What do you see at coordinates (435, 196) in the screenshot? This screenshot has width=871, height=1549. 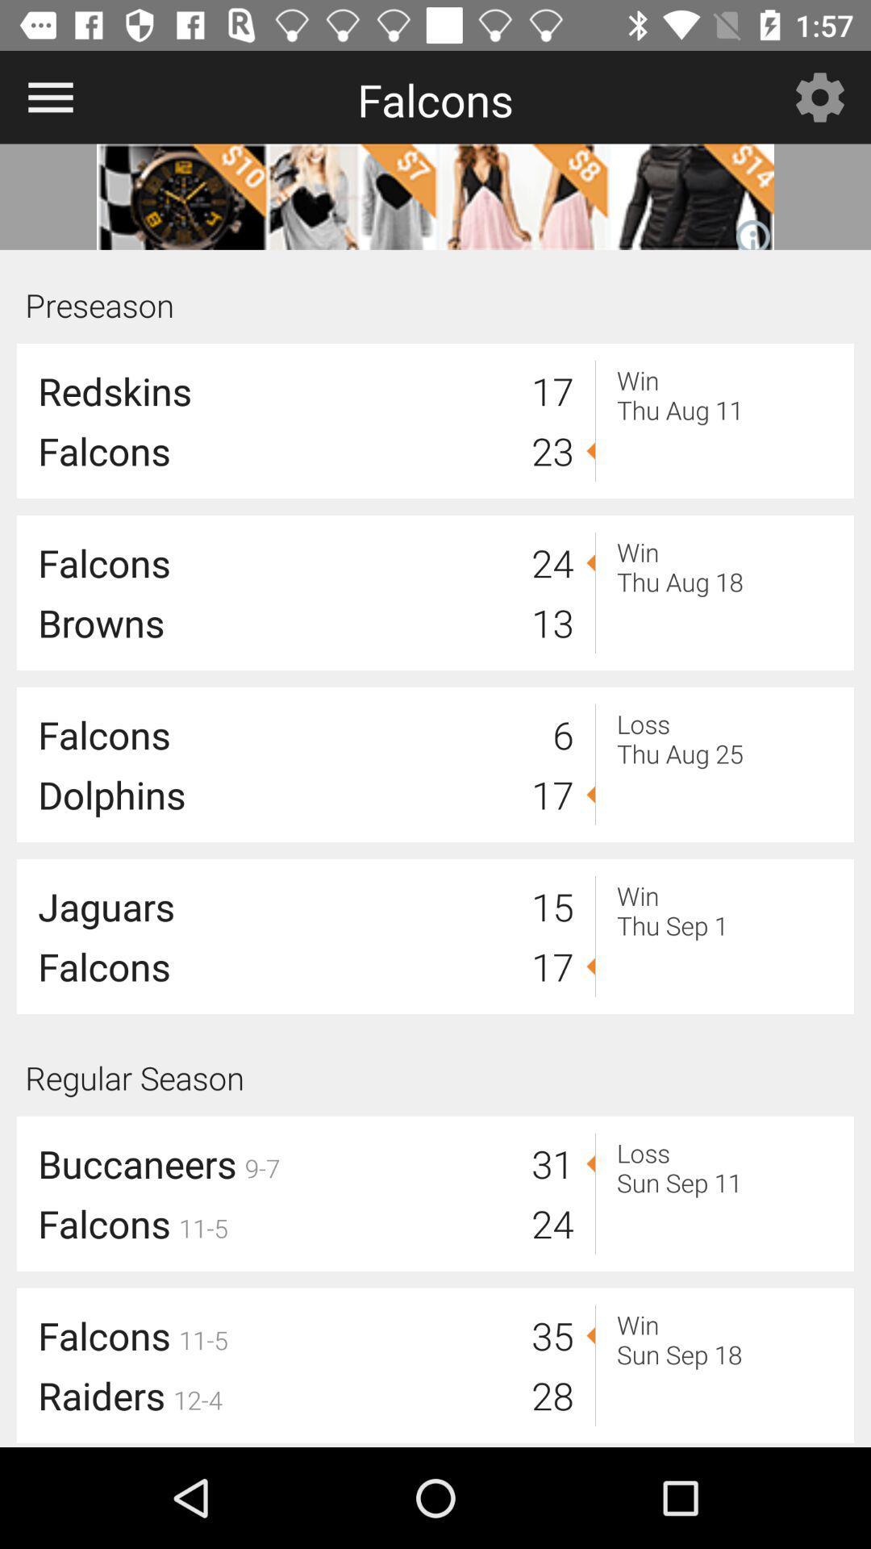 I see `more details` at bounding box center [435, 196].